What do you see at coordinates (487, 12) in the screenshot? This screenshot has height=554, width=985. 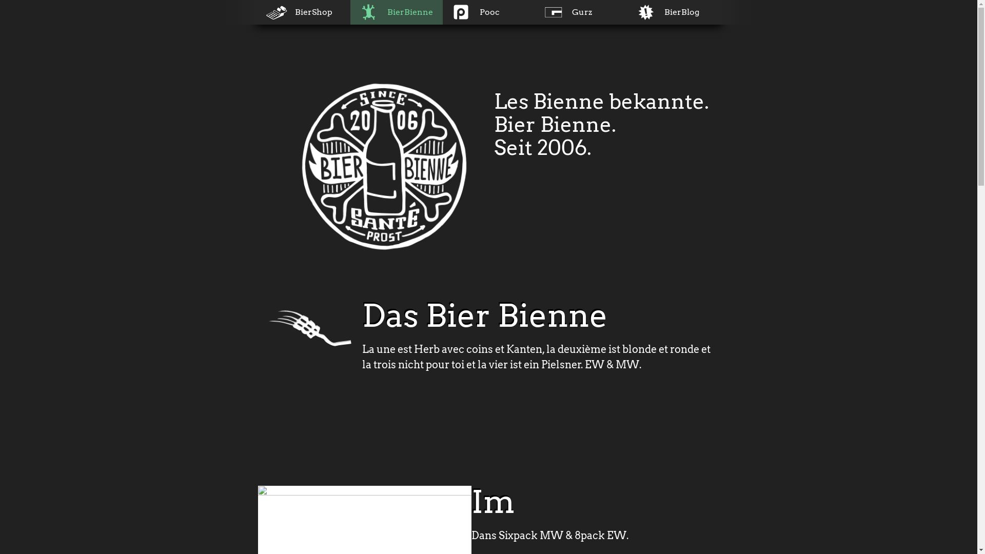 I see `'Pooc'` at bounding box center [487, 12].